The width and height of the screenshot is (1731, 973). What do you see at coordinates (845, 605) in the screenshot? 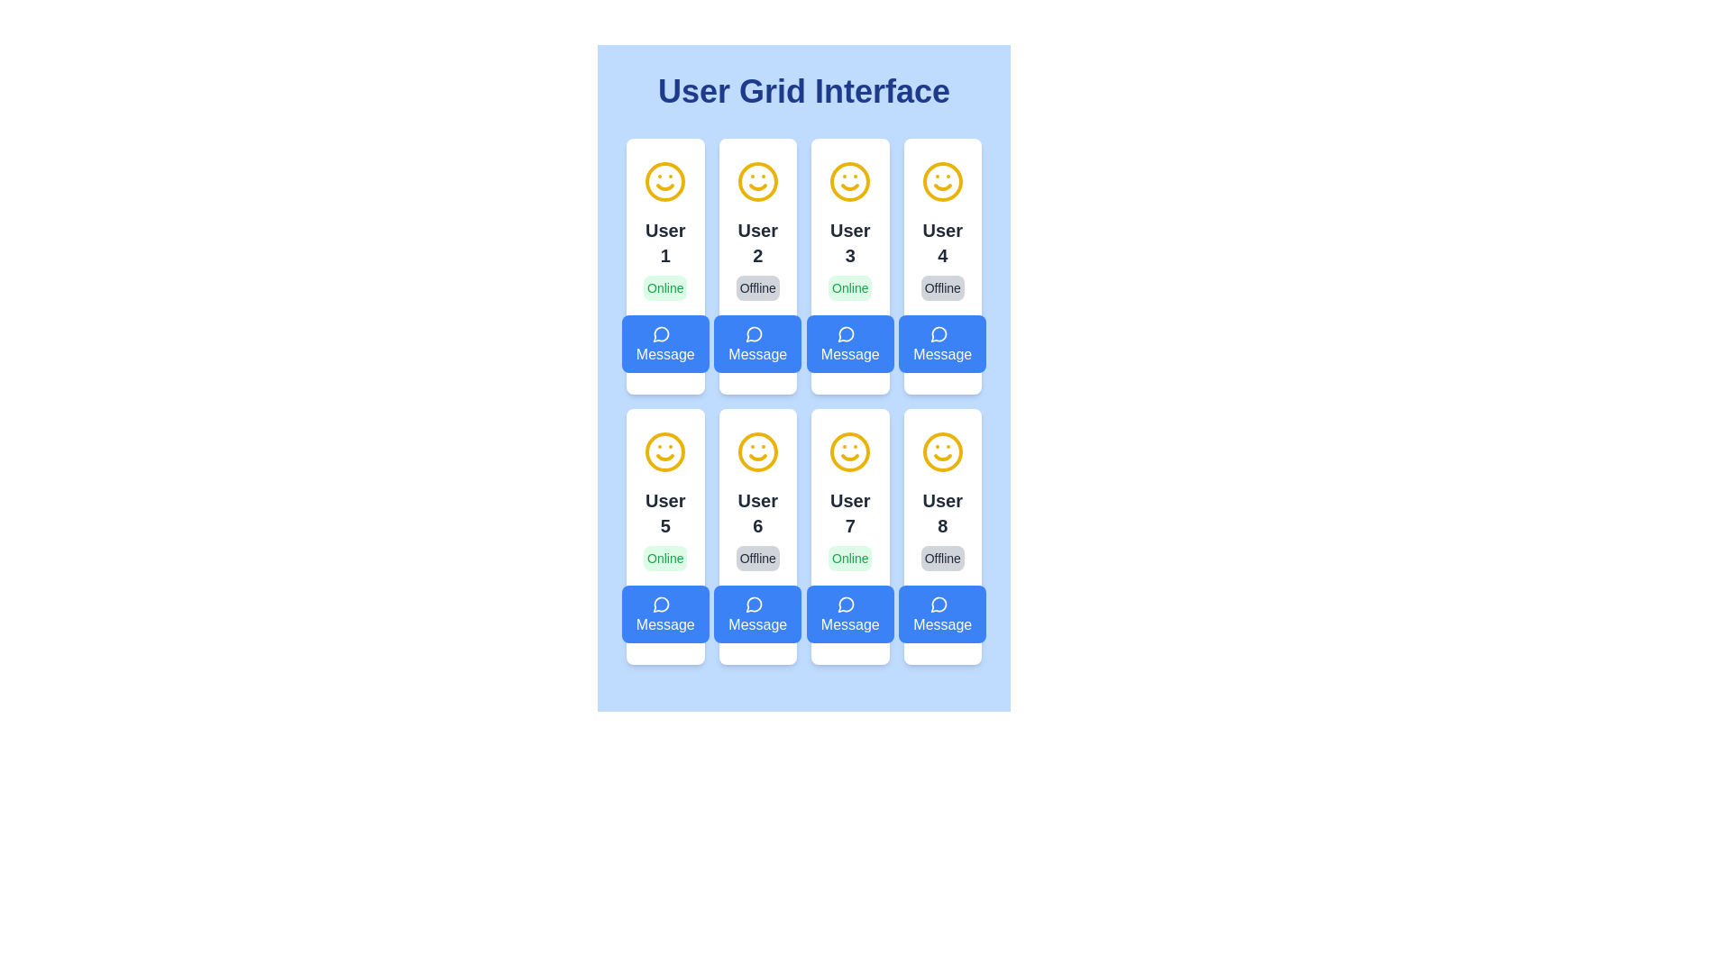
I see `the circular icon representing the messaging action for 'User 7'` at bounding box center [845, 605].